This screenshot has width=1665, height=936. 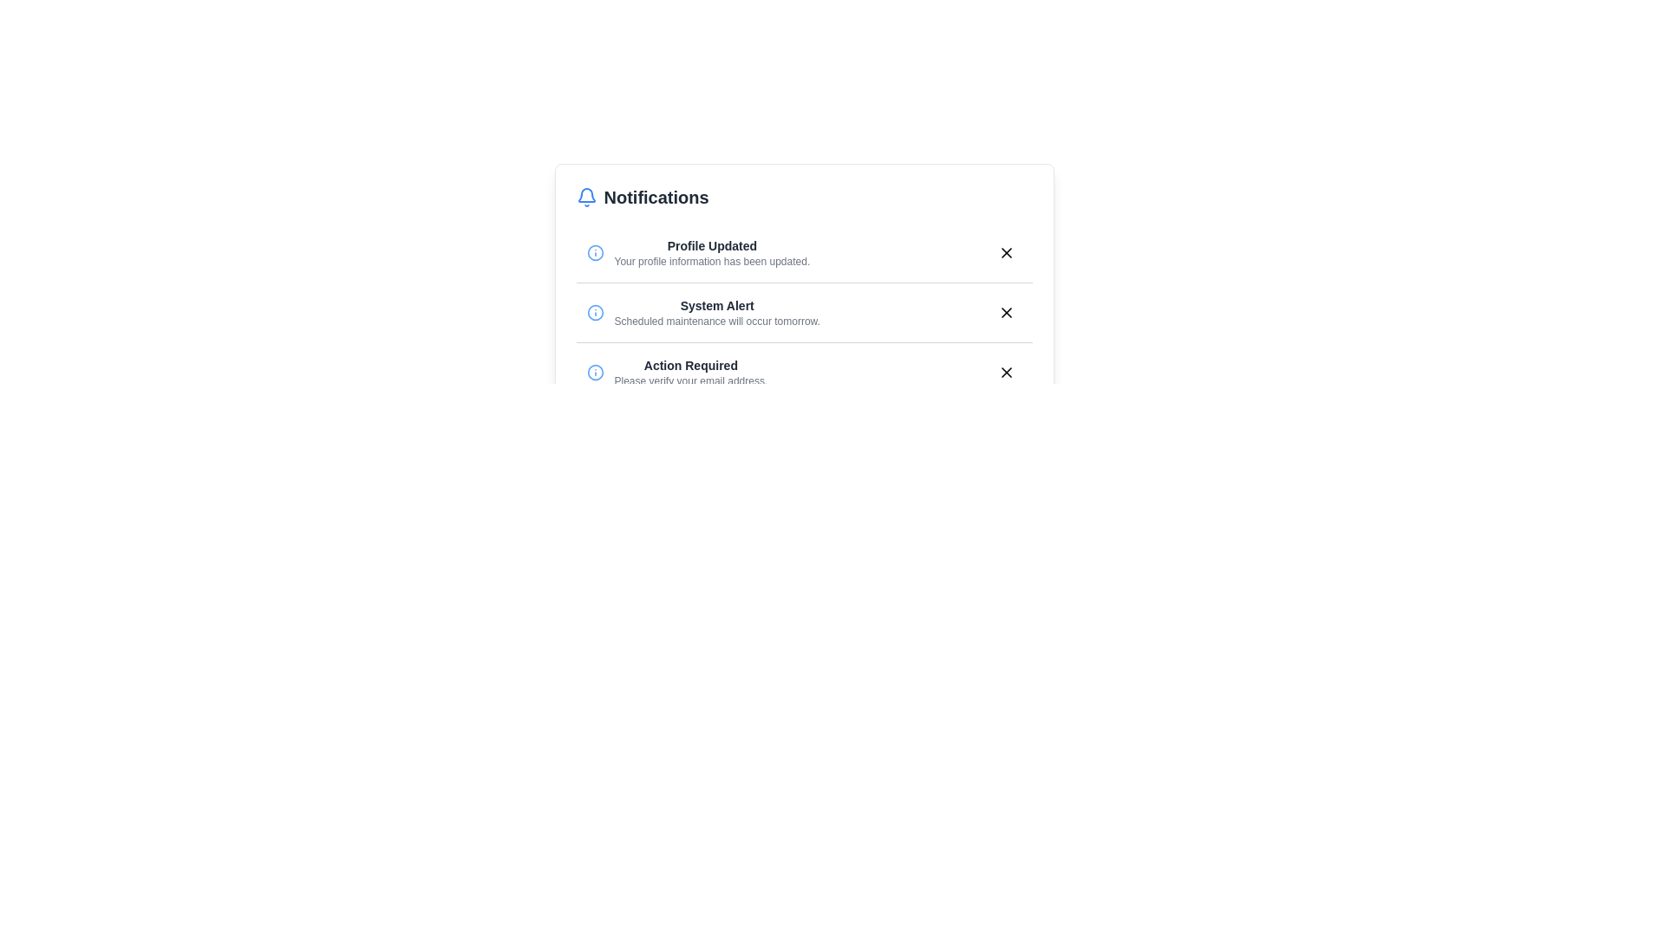 I want to click on the 'Notifications' header with bell icon located at the top-left of the notification panel, so click(x=642, y=196).